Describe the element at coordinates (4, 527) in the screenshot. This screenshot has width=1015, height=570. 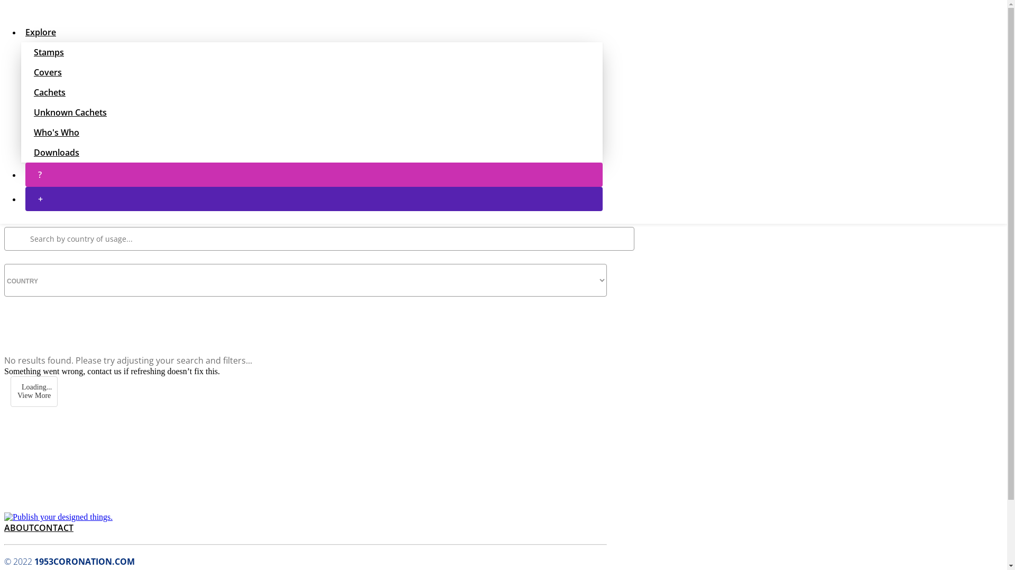
I see `'ABOUT'` at that location.